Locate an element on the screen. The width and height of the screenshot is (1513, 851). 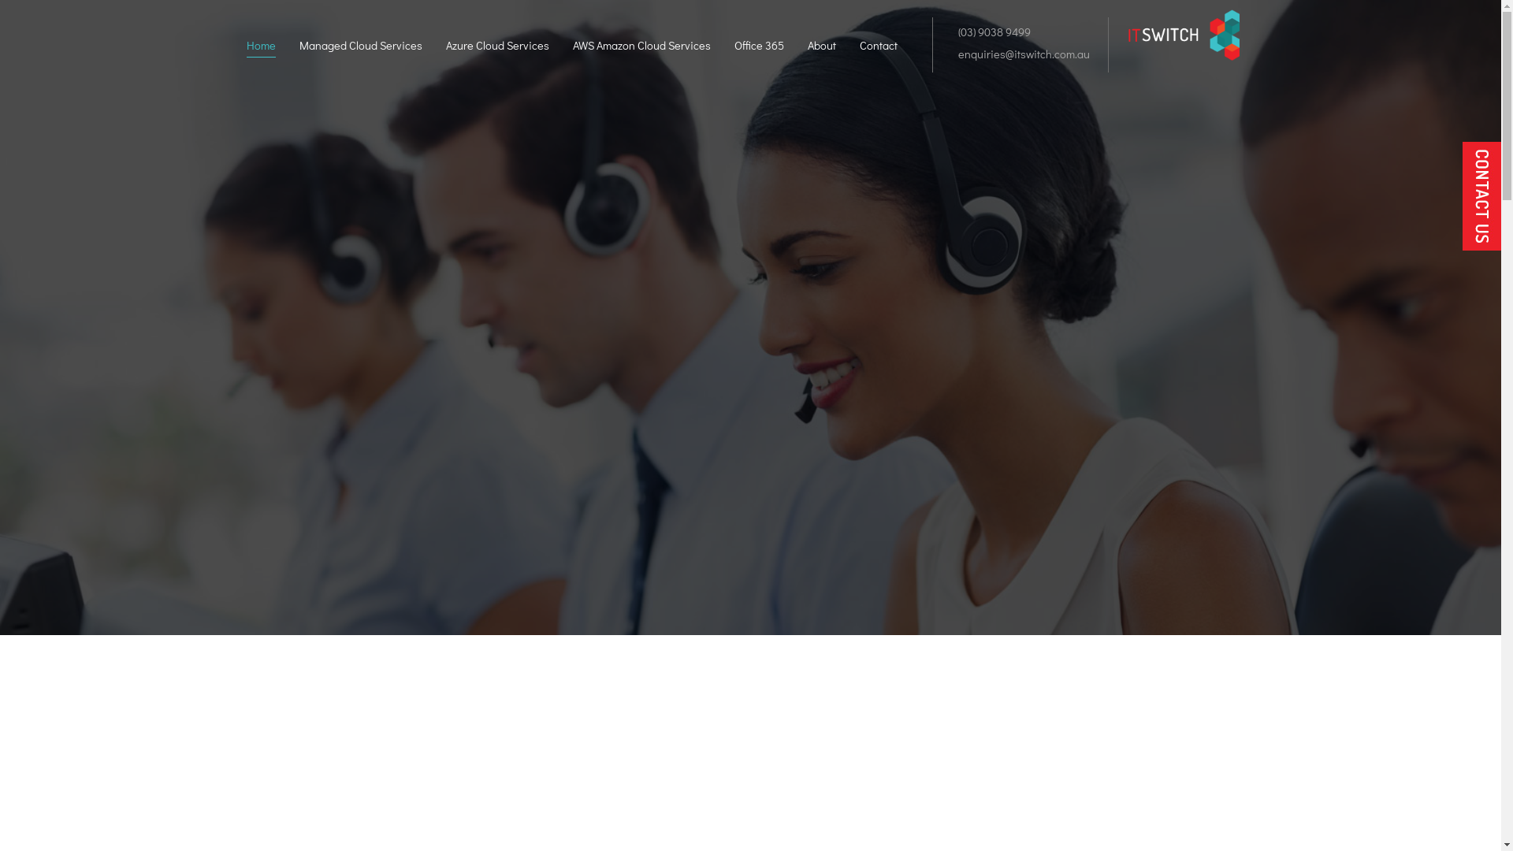
'AWS Amazon Cloud Services' is located at coordinates (571, 46).